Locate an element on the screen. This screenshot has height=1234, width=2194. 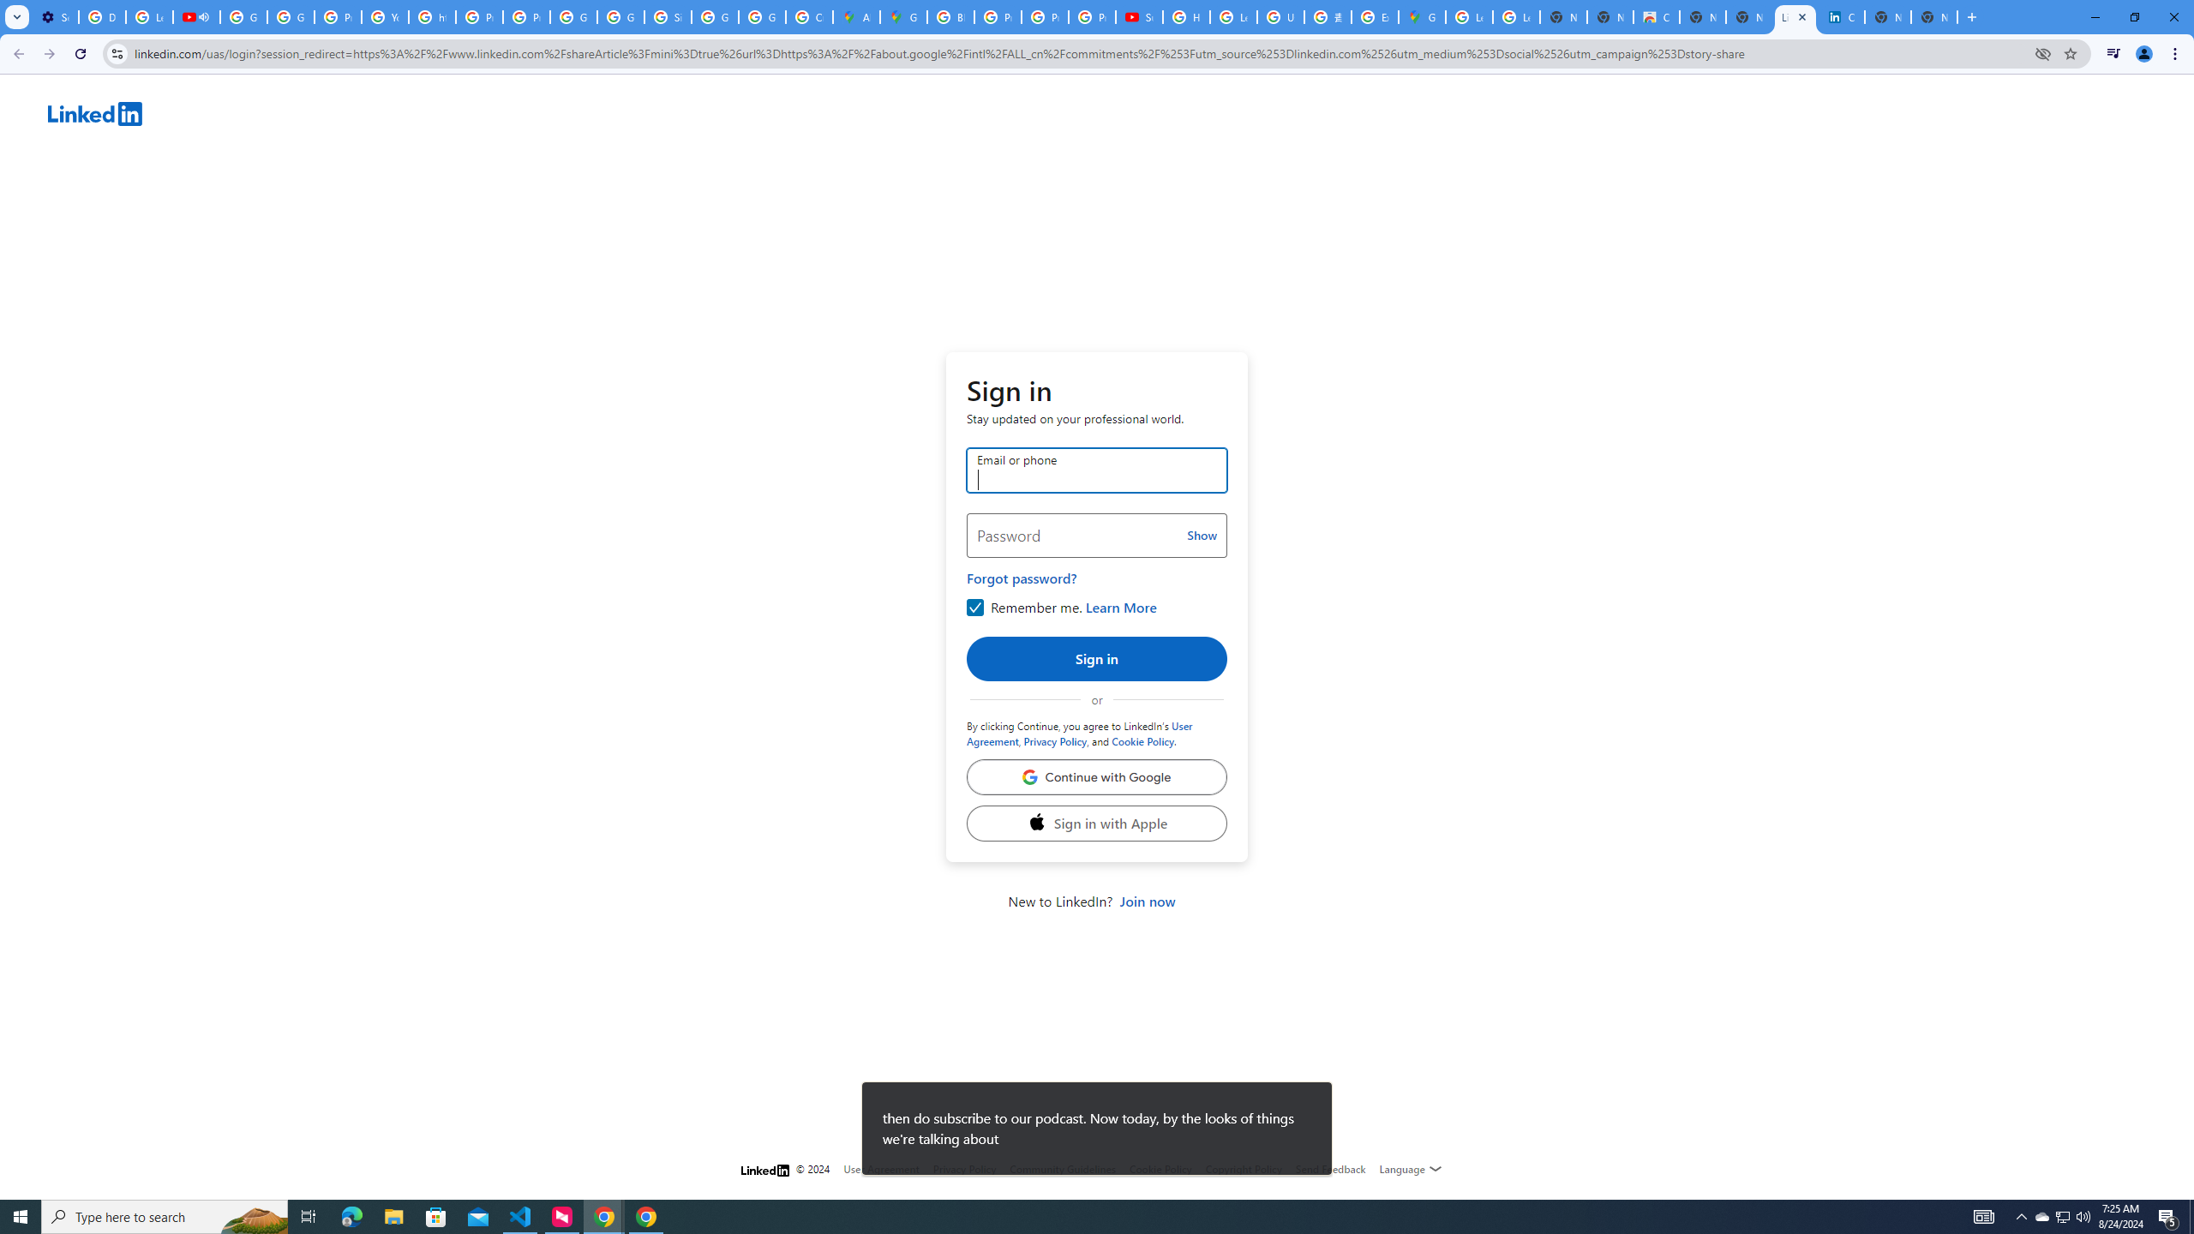
'Subscriptions - YouTube' is located at coordinates (1138, 16).